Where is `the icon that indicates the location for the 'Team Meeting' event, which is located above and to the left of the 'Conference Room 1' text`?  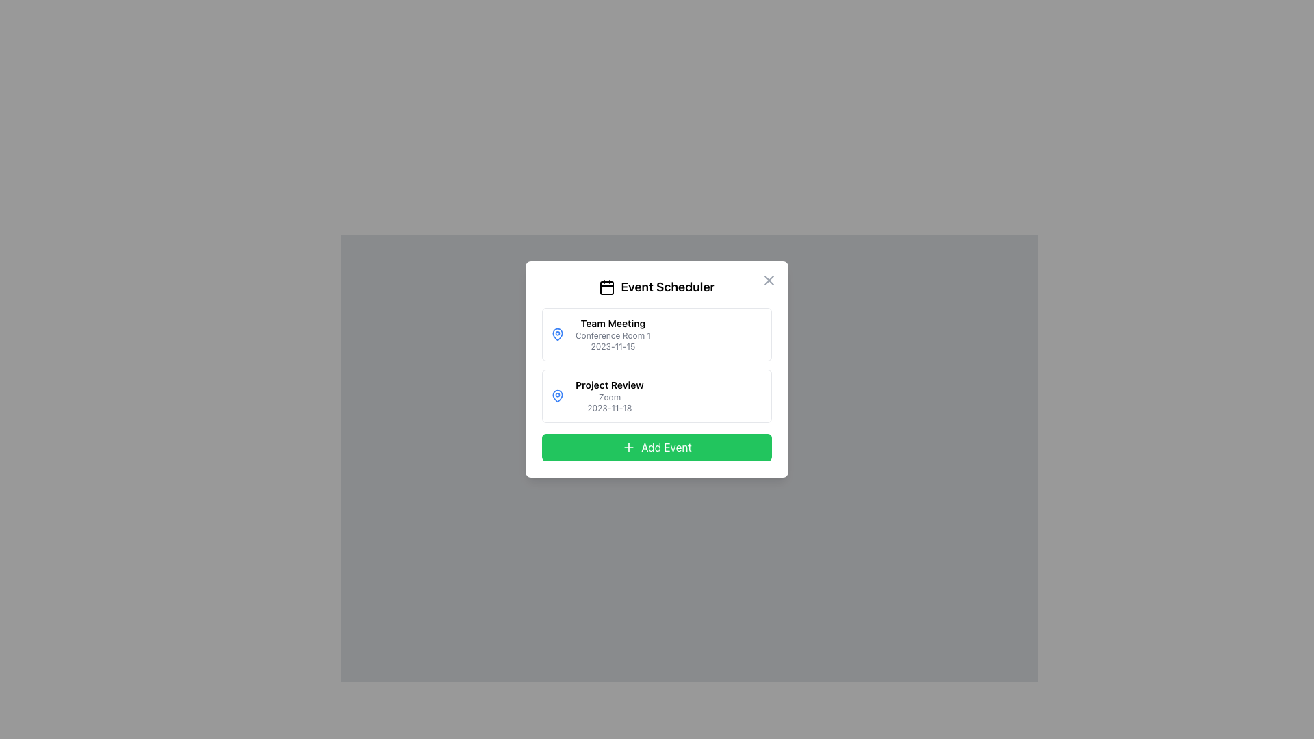 the icon that indicates the location for the 'Team Meeting' event, which is located above and to the left of the 'Conference Room 1' text is located at coordinates (558, 335).